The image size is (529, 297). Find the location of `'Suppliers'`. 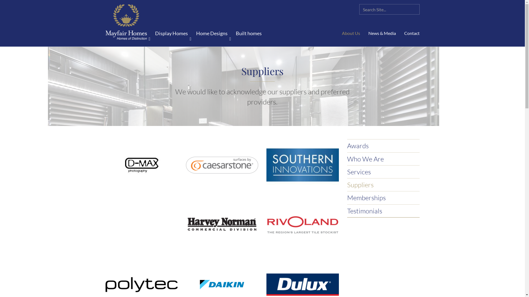

'Suppliers' is located at coordinates (360, 185).